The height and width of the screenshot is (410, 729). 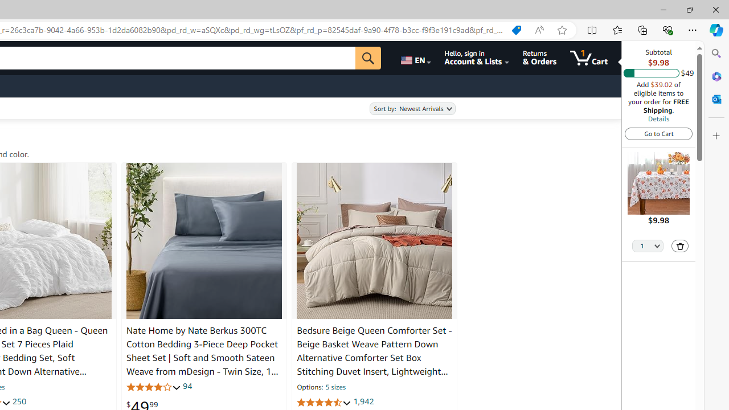 I want to click on 'Delete', so click(x=680, y=245).